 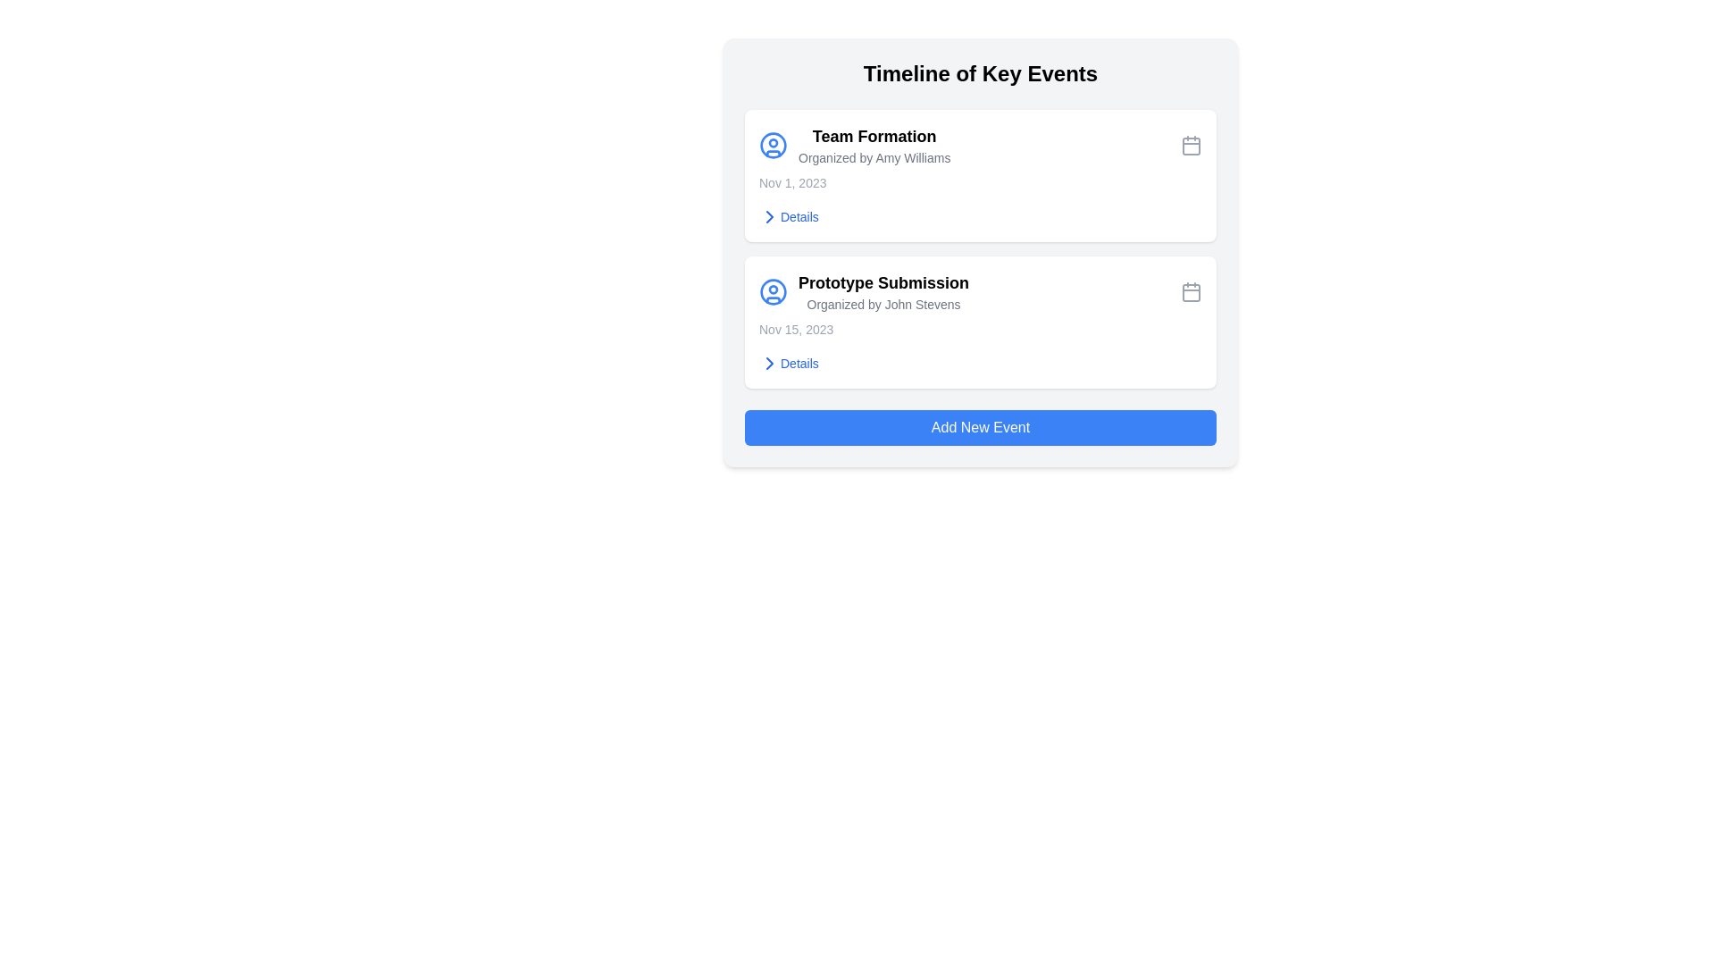 What do you see at coordinates (788, 216) in the screenshot?
I see `the clickable text 'Details' with a blue font and a right-pointing chevron icon` at bounding box center [788, 216].